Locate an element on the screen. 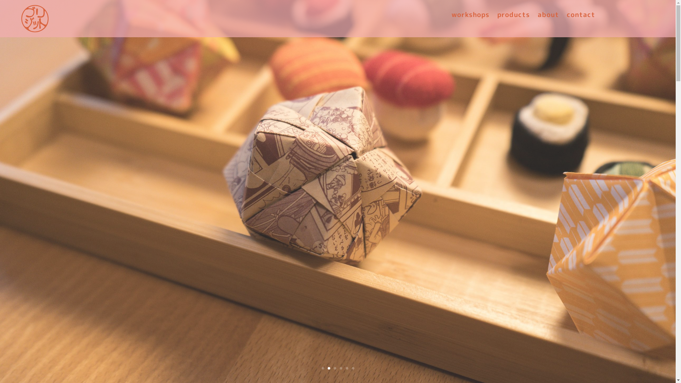 Image resolution: width=681 pixels, height=383 pixels. 'workshops' is located at coordinates (470, 16).